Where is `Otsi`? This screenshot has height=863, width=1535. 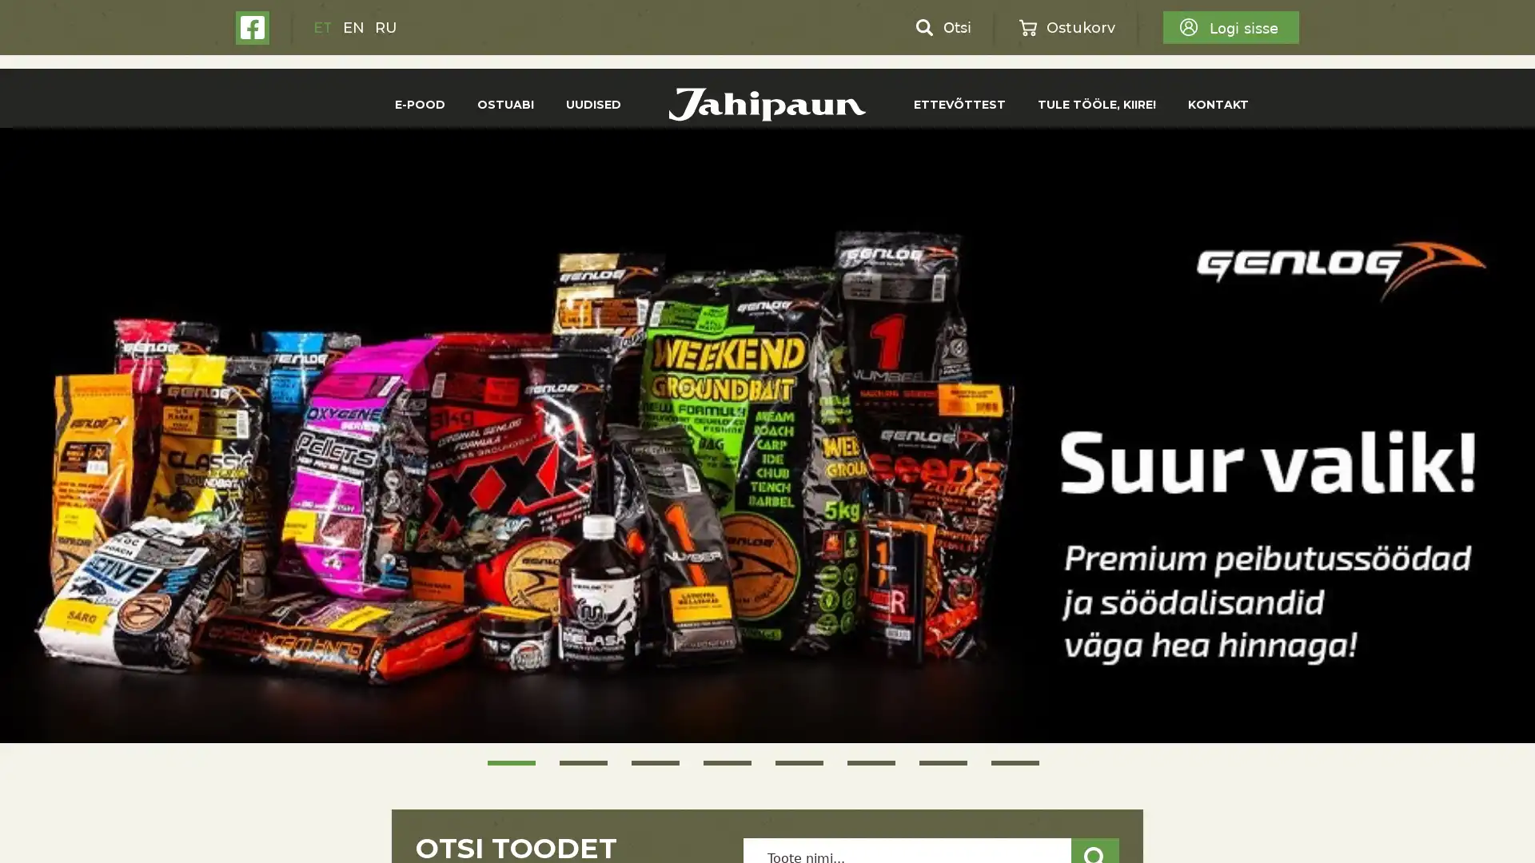 Otsi is located at coordinates (941, 27).